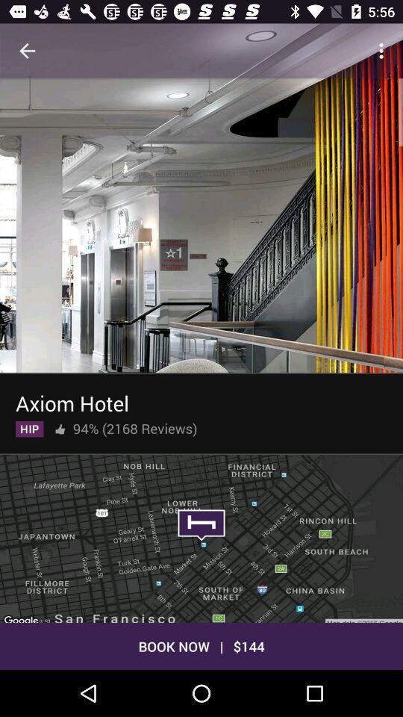 The image size is (403, 717). What do you see at coordinates (59, 426) in the screenshot?
I see `item to the left of 94% (2168 reviews) item` at bounding box center [59, 426].